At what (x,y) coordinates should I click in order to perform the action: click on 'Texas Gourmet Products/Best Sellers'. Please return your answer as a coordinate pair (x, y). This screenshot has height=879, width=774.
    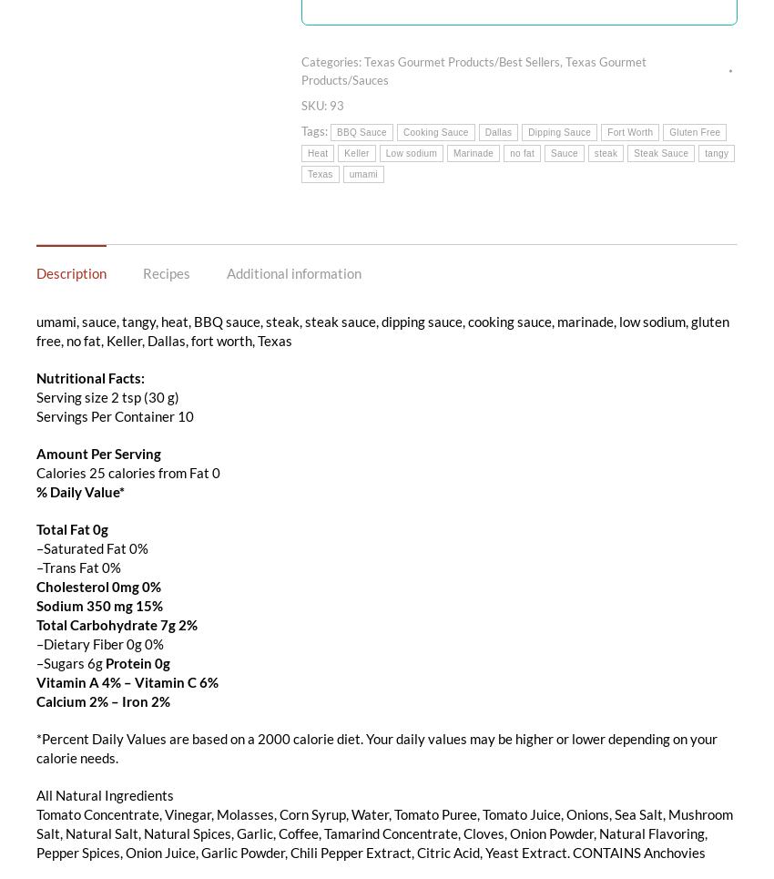
    Looking at the image, I should click on (462, 60).